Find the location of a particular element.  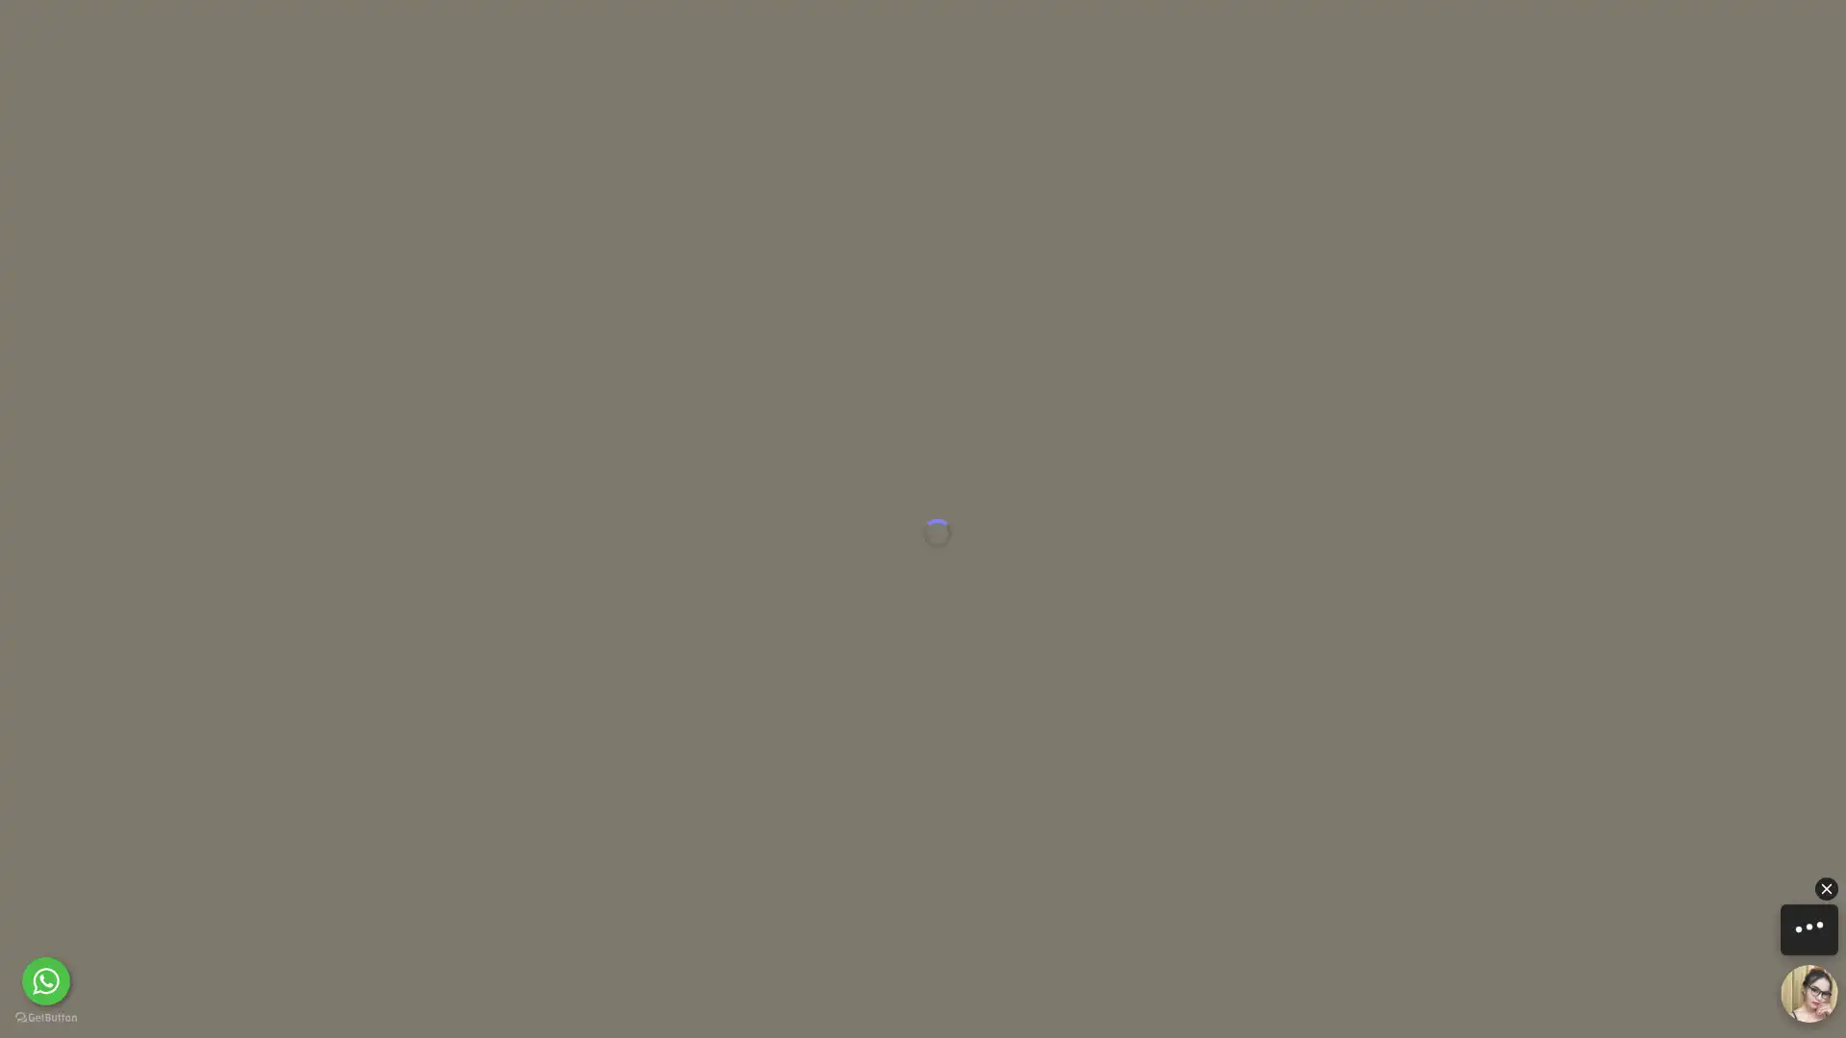

UNDUH is located at coordinates (871, 1014).